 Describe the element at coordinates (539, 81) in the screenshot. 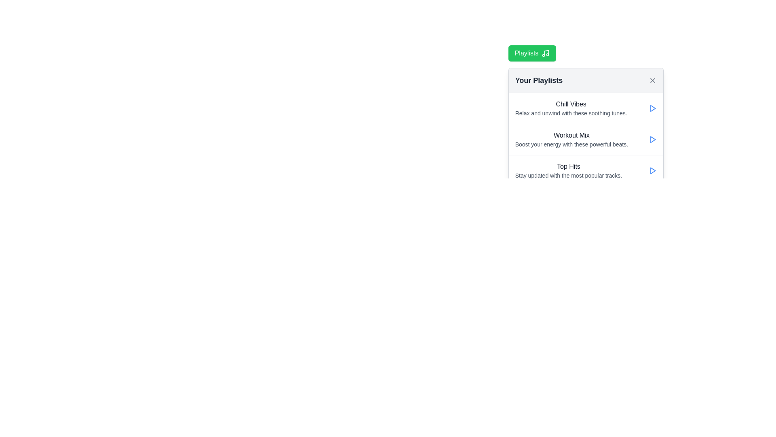

I see `the header text element displaying 'Your Playlists', which is located at the top-left area of the playlist menu panel` at that location.